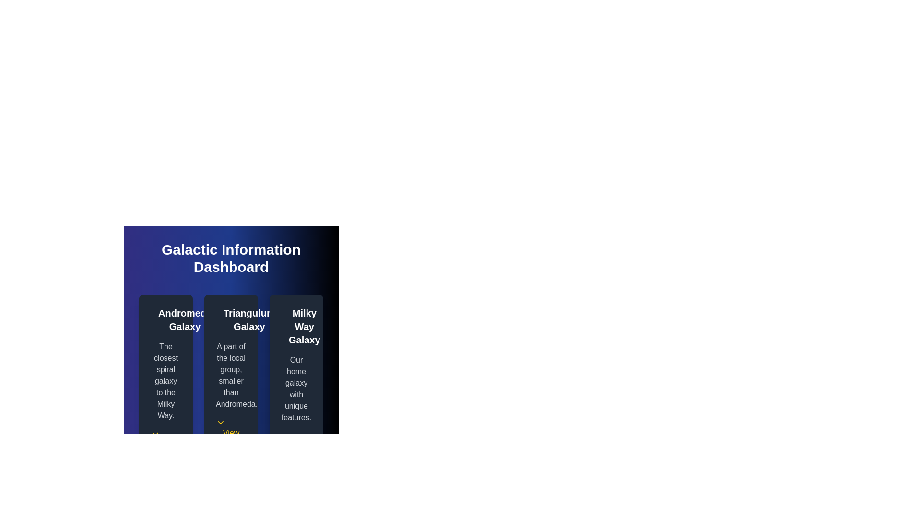 Image resolution: width=921 pixels, height=518 pixels. Describe the element at coordinates (231, 375) in the screenshot. I see `the text label that reads 'A part of the local group, smaller than Andromeda.' located within the card below the title 'Triangulum Galaxy' and above the 'View Details' button` at that location.